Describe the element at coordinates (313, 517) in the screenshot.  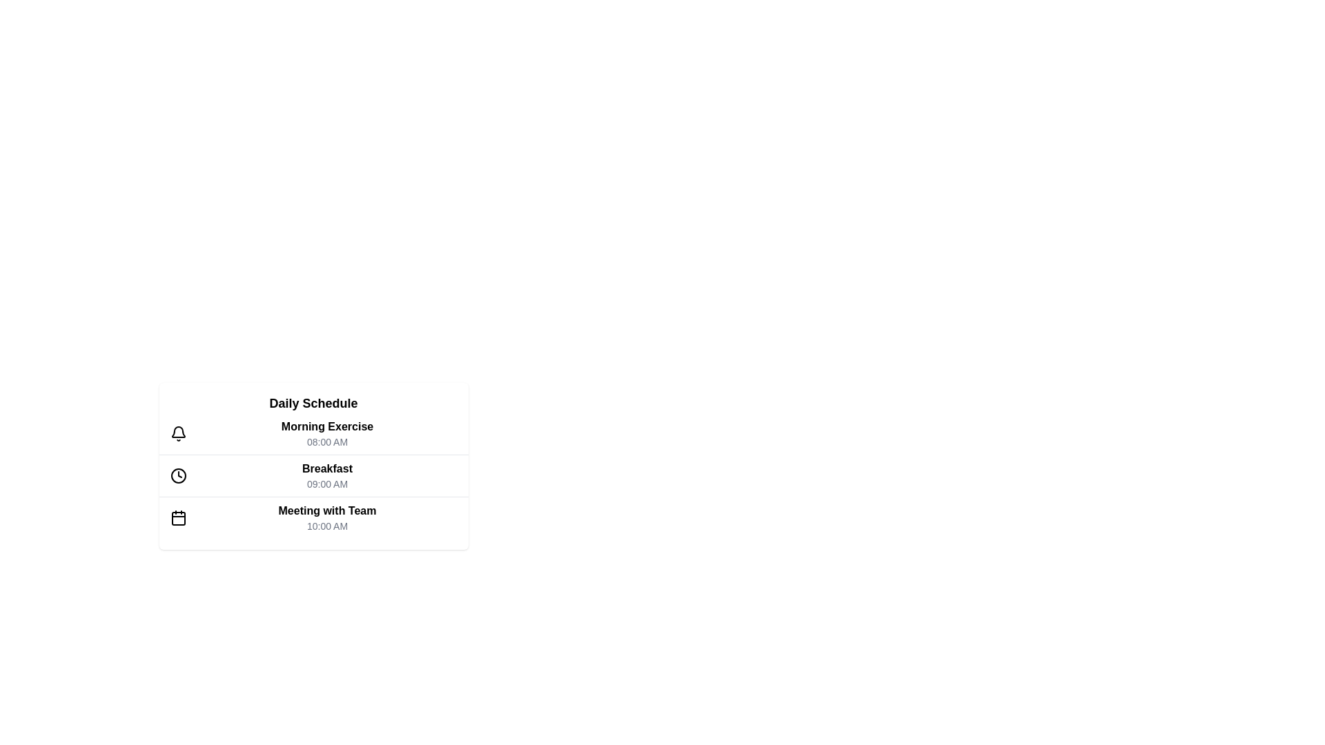
I see `the Information Card element that displays 'Meeting with Team' in bold and '10:00 AM' in gray font, located below 'Breakfast 09:00 AM'` at that location.